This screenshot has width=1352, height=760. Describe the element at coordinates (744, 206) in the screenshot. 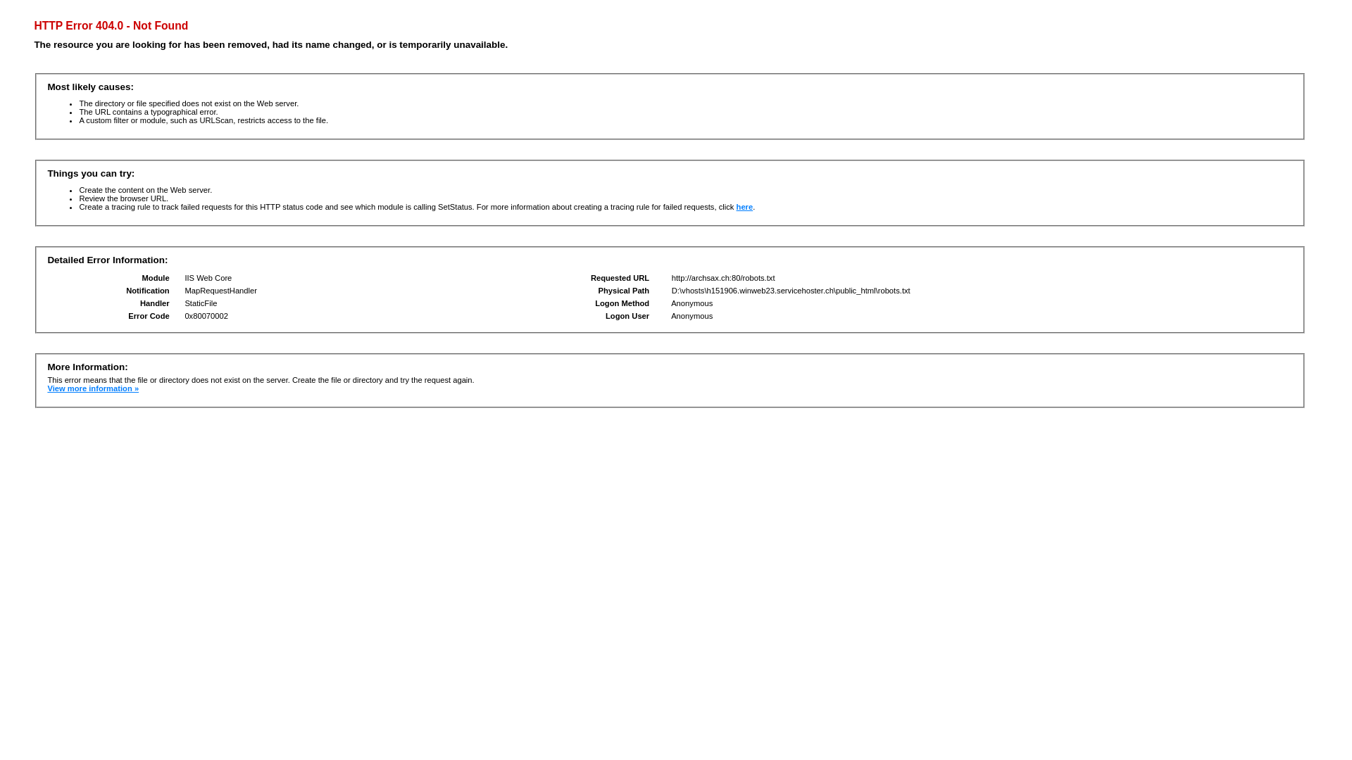

I see `'here'` at that location.